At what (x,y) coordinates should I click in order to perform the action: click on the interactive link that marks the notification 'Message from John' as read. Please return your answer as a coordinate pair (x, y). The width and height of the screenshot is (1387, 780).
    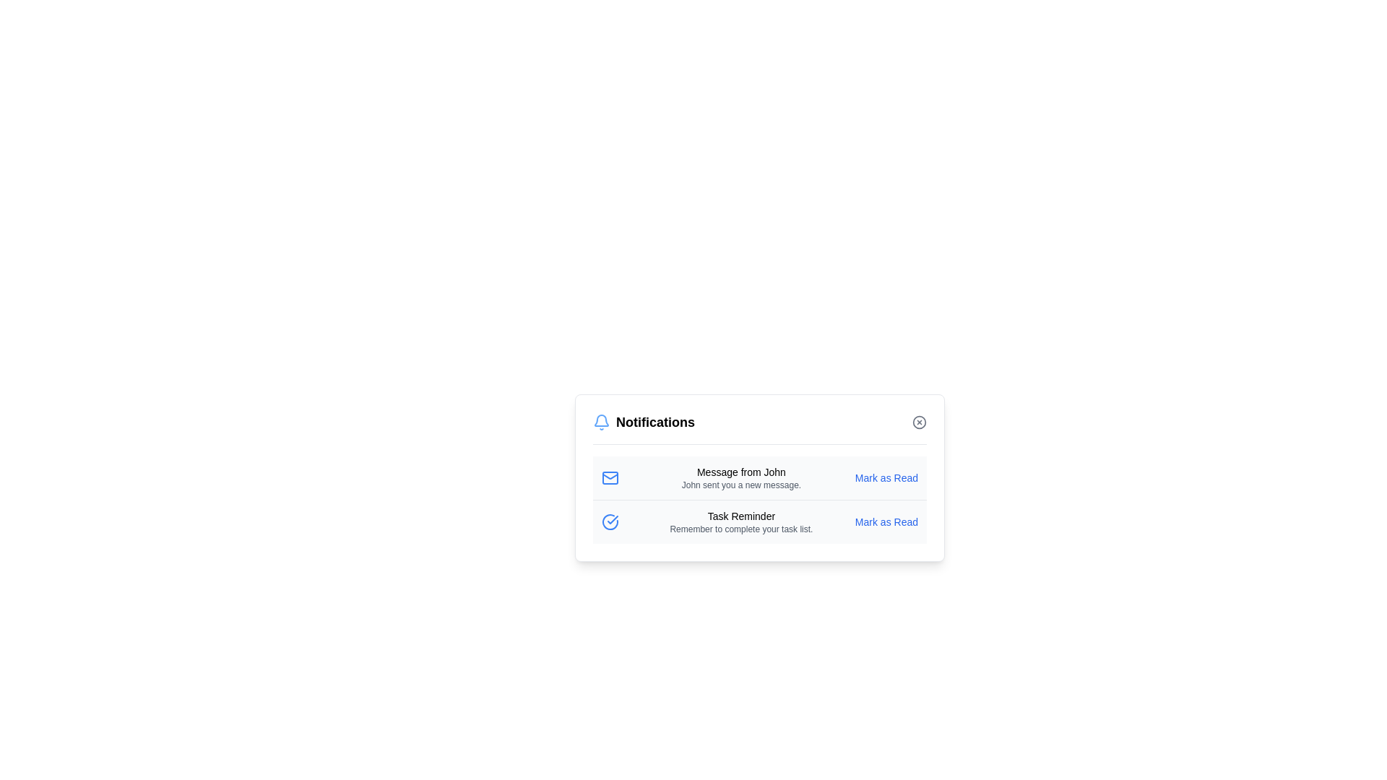
    Looking at the image, I should click on (886, 478).